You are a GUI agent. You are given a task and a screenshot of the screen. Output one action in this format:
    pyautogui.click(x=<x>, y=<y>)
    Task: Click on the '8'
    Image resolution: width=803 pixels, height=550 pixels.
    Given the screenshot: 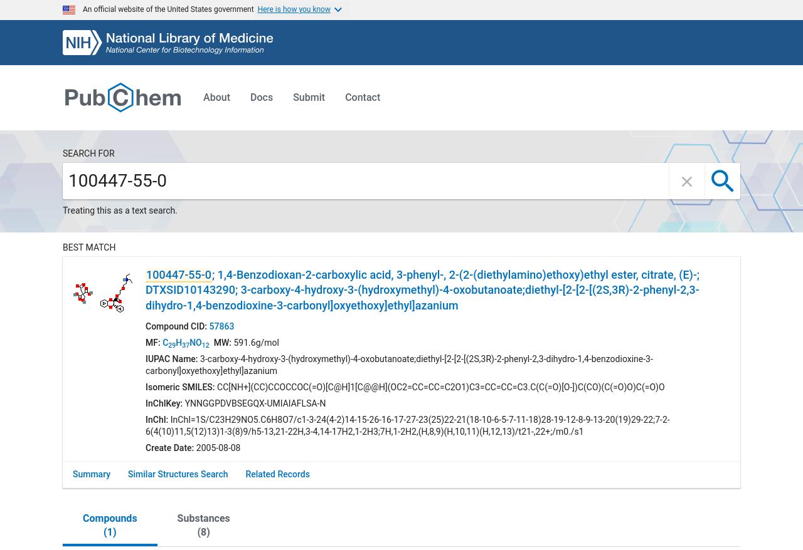 What is the action you would take?
    pyautogui.click(x=203, y=532)
    